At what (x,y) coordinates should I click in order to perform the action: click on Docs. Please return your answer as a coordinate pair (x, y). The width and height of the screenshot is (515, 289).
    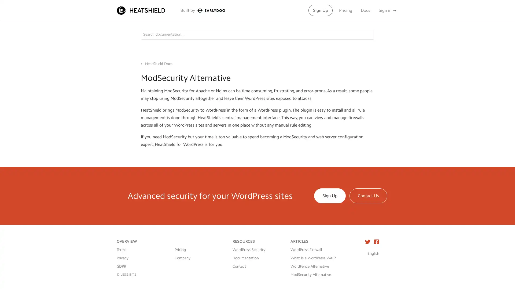
    Looking at the image, I should click on (365, 10).